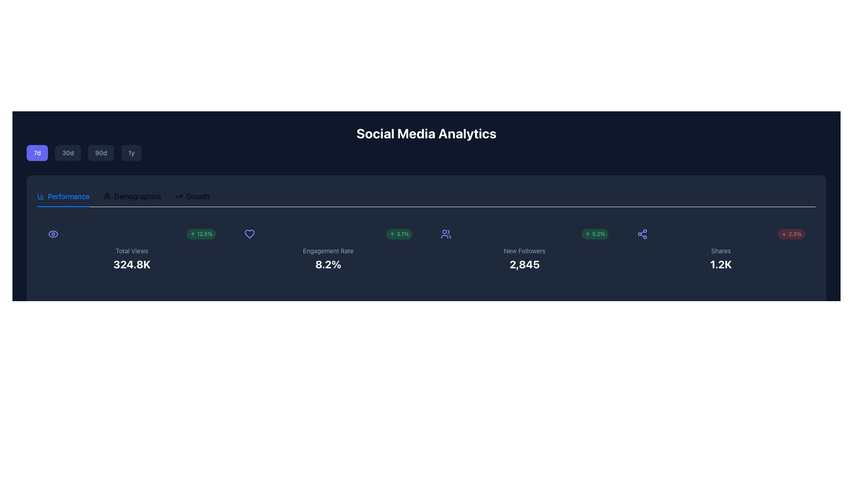  What do you see at coordinates (40, 196) in the screenshot?
I see `the 'Performance' icon located at the leftmost side of the menu bar, which visually represents the performance section adjacent to the 'Performance' label` at bounding box center [40, 196].